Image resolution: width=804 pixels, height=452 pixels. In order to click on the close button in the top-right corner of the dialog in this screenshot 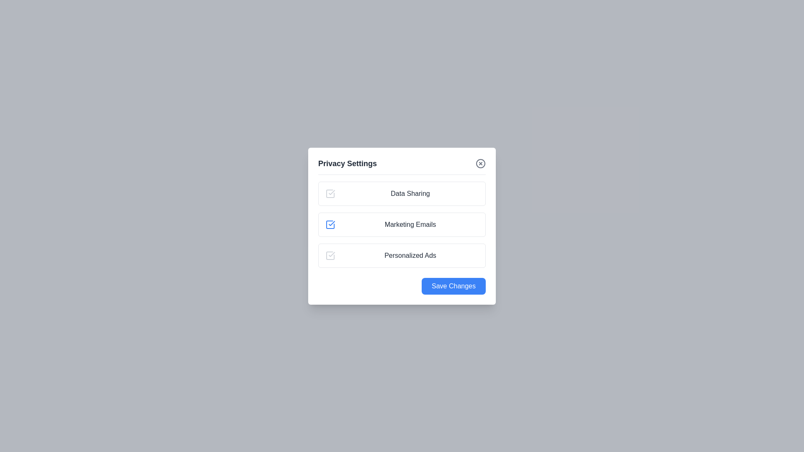, I will do `click(480, 163)`.